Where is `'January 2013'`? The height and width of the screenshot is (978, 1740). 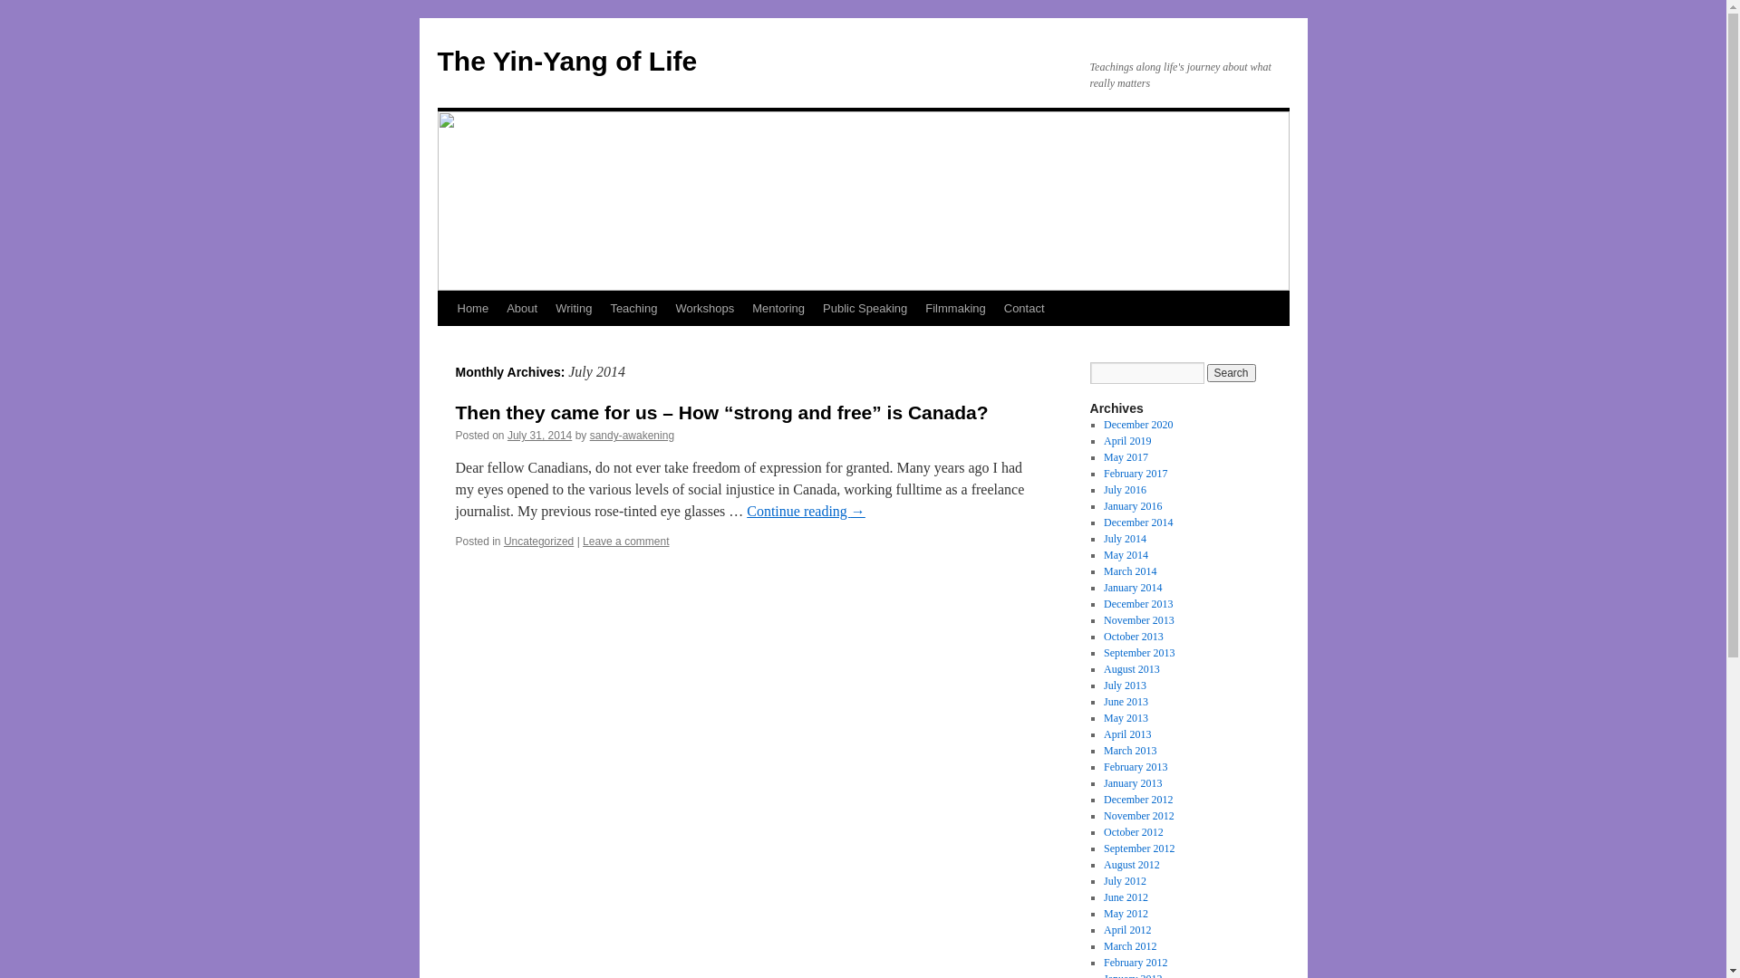
'January 2013' is located at coordinates (1103, 781).